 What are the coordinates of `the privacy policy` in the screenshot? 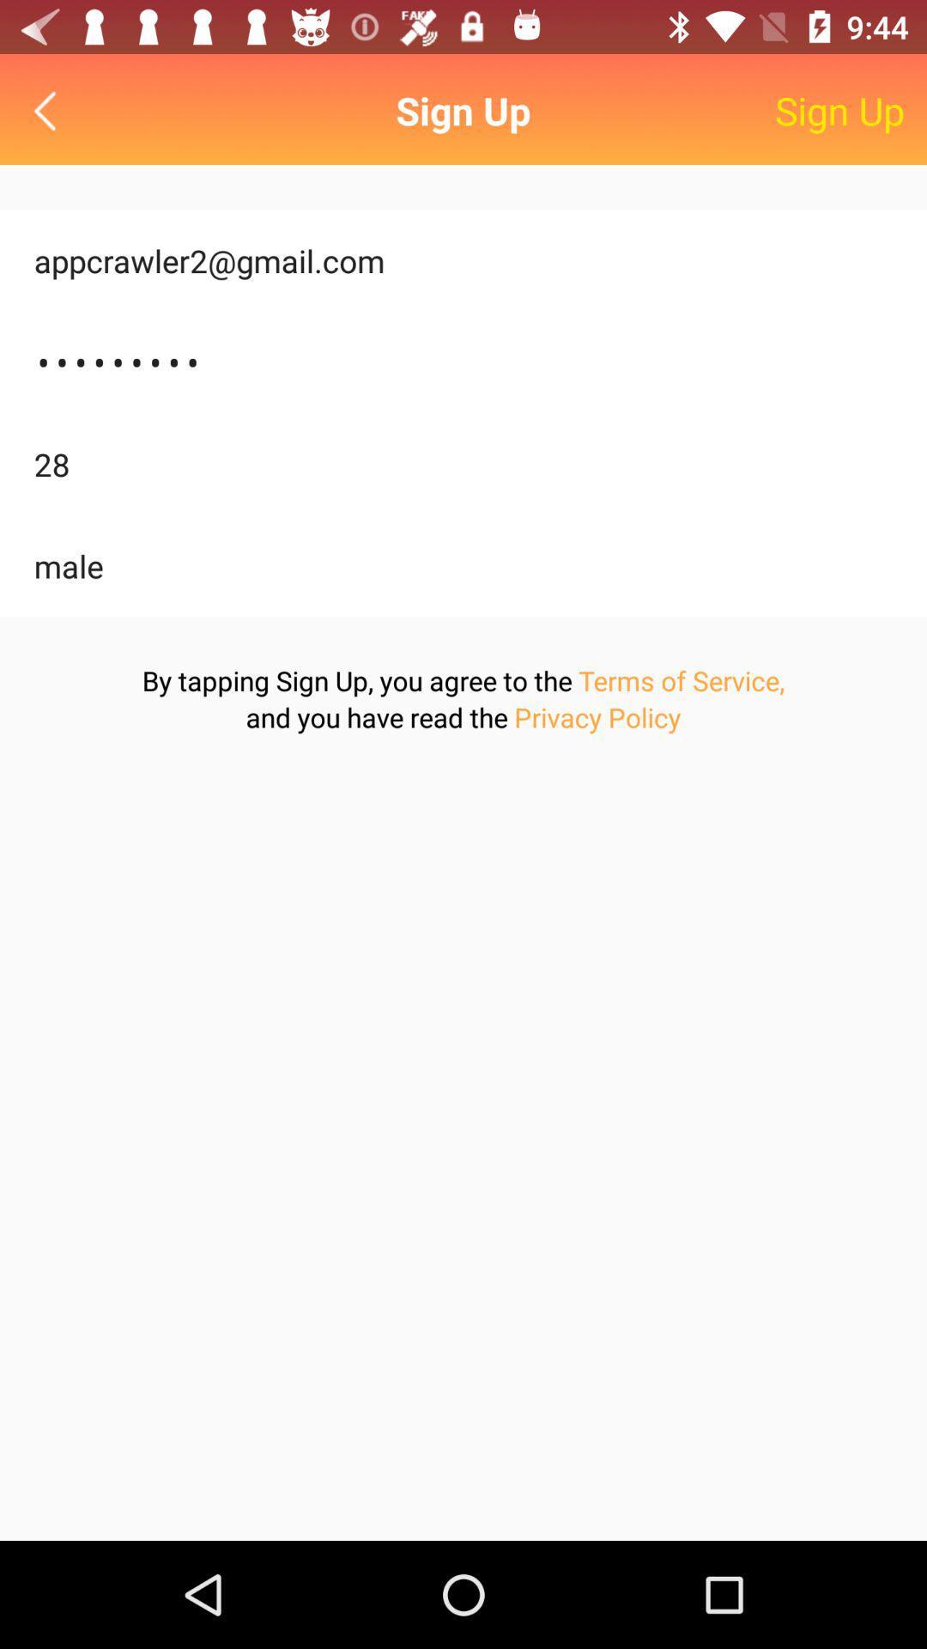 It's located at (597, 717).